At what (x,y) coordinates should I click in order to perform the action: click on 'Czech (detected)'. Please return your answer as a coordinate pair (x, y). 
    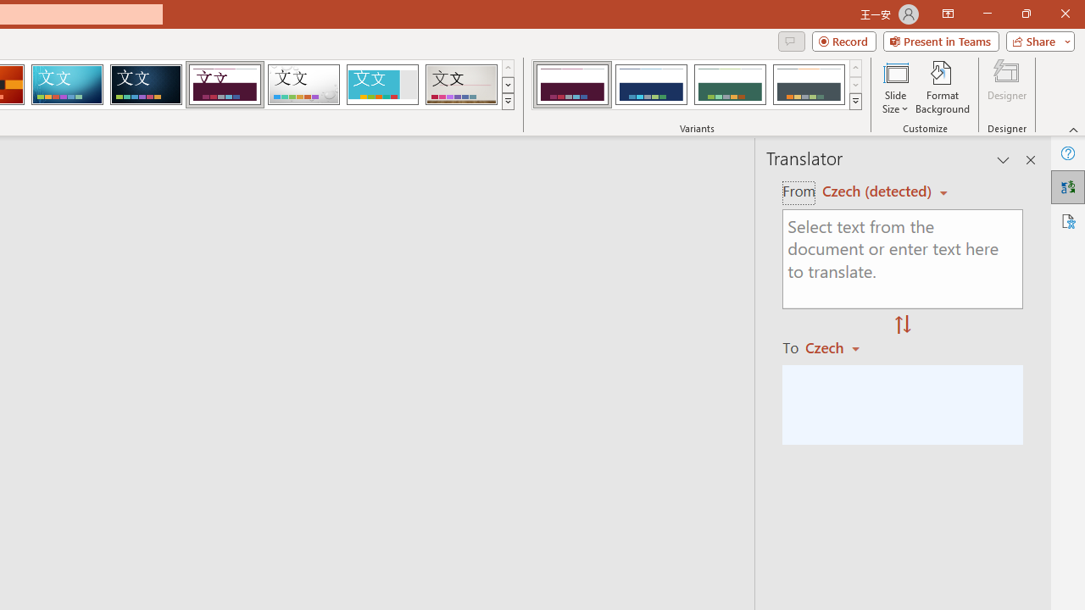
    Looking at the image, I should click on (879, 191).